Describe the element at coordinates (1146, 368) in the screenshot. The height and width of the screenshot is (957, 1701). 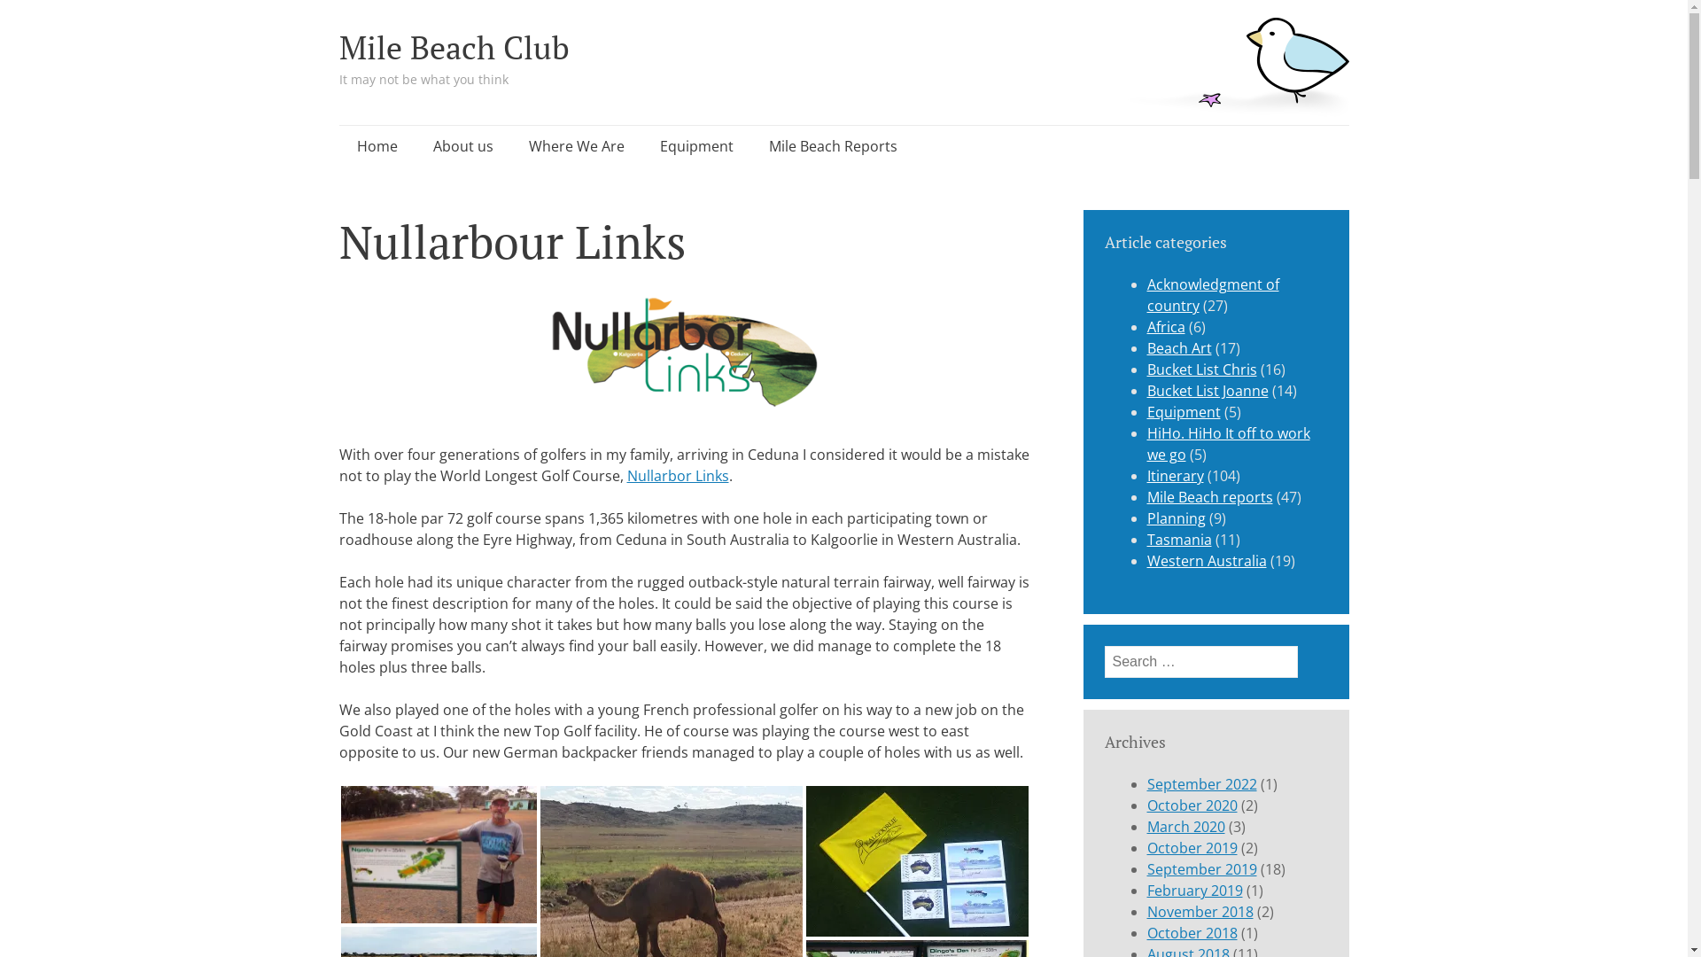
I see `'Bucket List Chris'` at that location.